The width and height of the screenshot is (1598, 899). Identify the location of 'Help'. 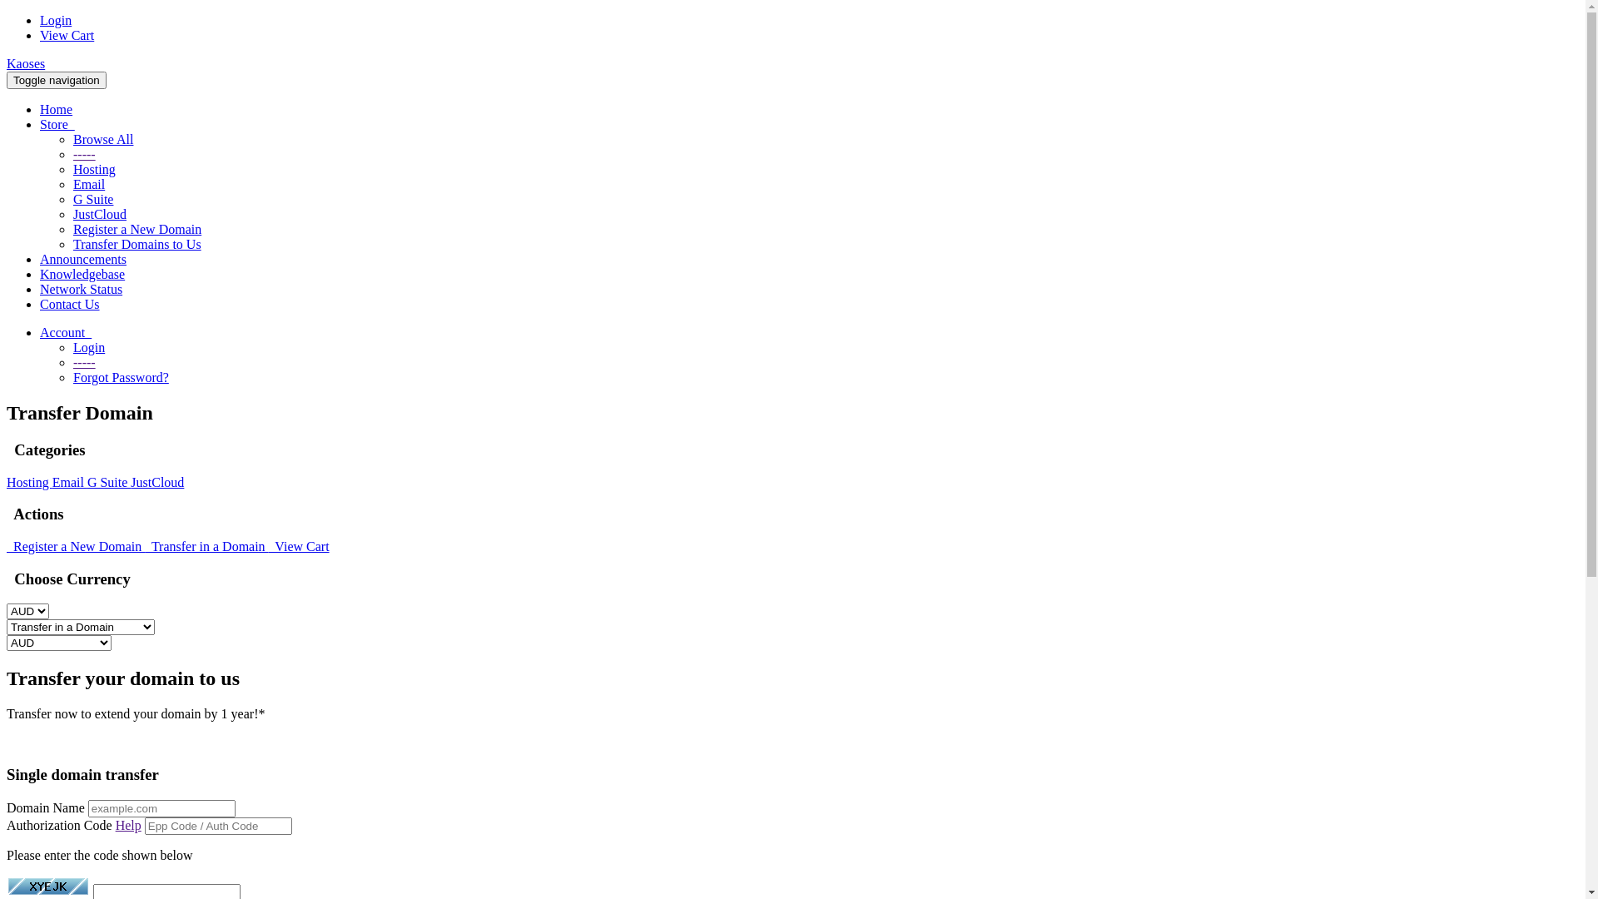
(127, 825).